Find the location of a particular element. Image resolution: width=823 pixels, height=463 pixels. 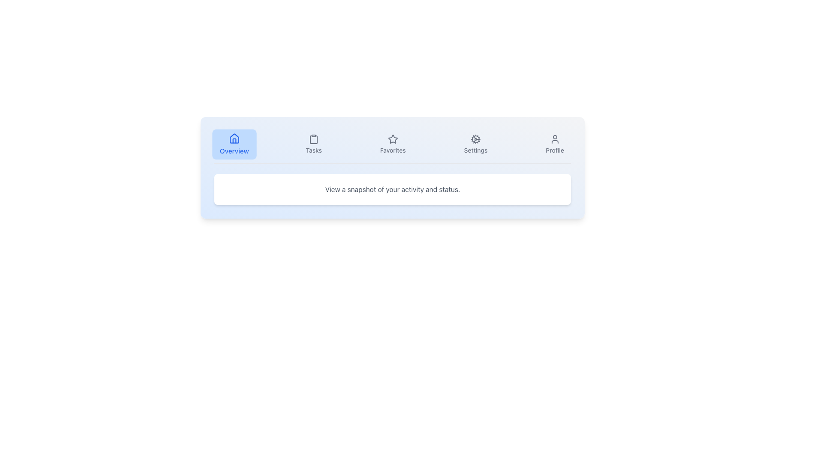

the 'Favorites' button with a star icon located in the horizontal navigation bar is located at coordinates (392, 144).